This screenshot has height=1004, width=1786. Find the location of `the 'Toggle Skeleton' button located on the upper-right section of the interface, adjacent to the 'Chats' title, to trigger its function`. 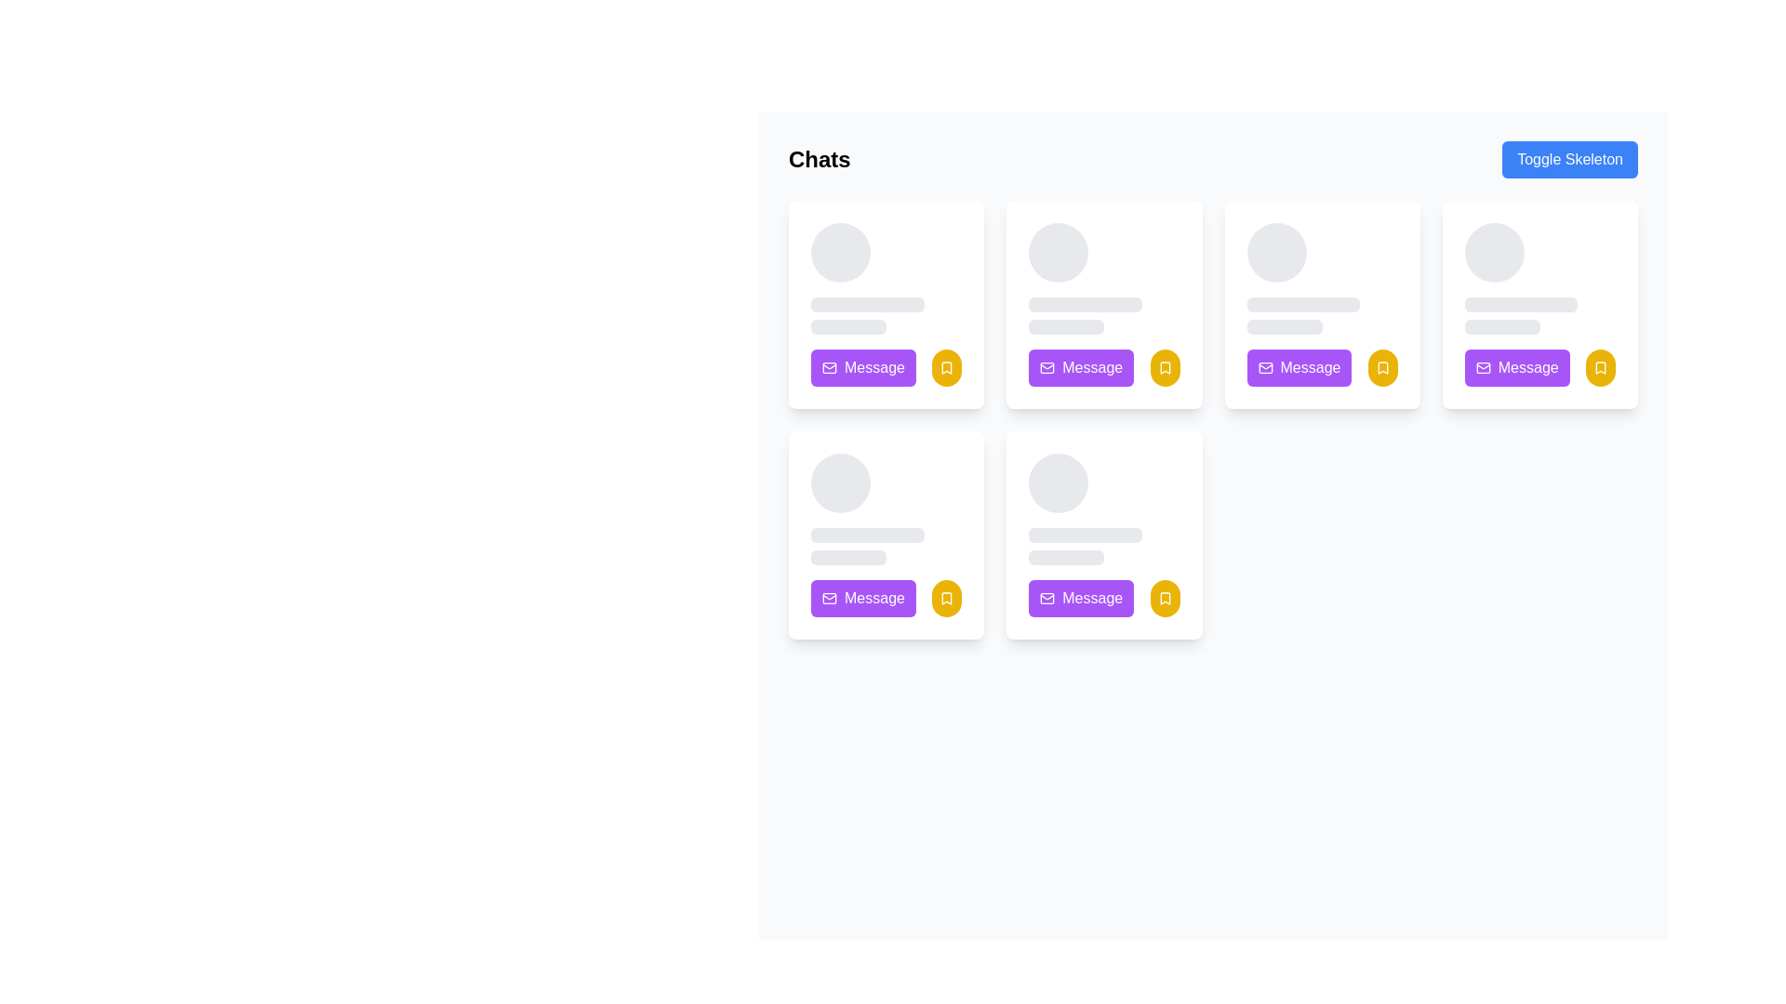

the 'Toggle Skeleton' button located on the upper-right section of the interface, adjacent to the 'Chats' title, to trigger its function is located at coordinates (1569, 159).